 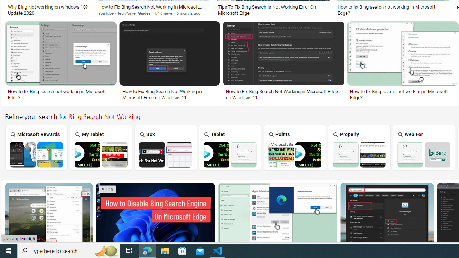 What do you see at coordinates (100, 154) in the screenshot?
I see `'Bing Search Not Working On My Tablet'` at bounding box center [100, 154].